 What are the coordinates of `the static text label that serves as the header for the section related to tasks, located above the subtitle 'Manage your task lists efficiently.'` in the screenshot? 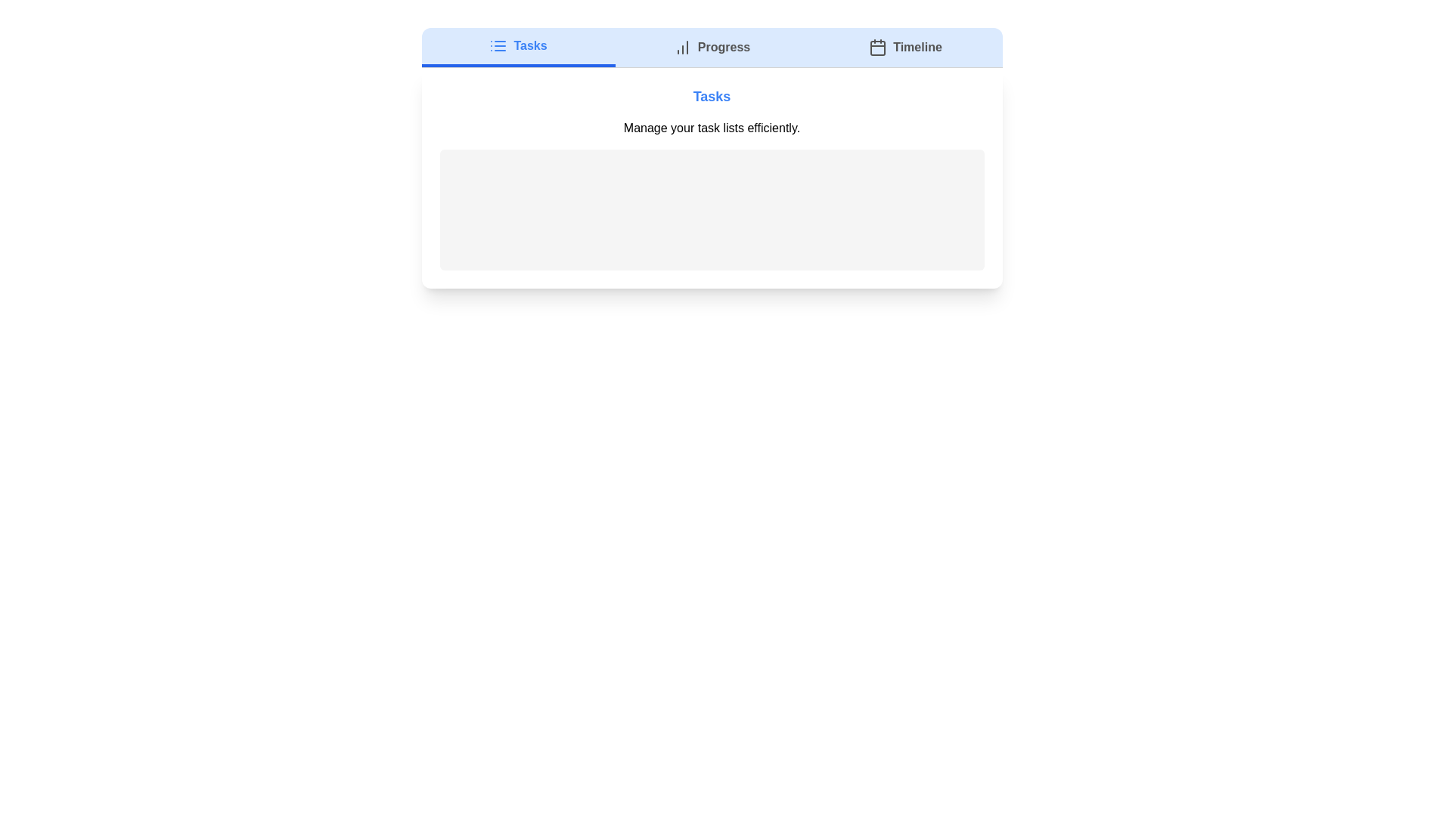 It's located at (711, 96).